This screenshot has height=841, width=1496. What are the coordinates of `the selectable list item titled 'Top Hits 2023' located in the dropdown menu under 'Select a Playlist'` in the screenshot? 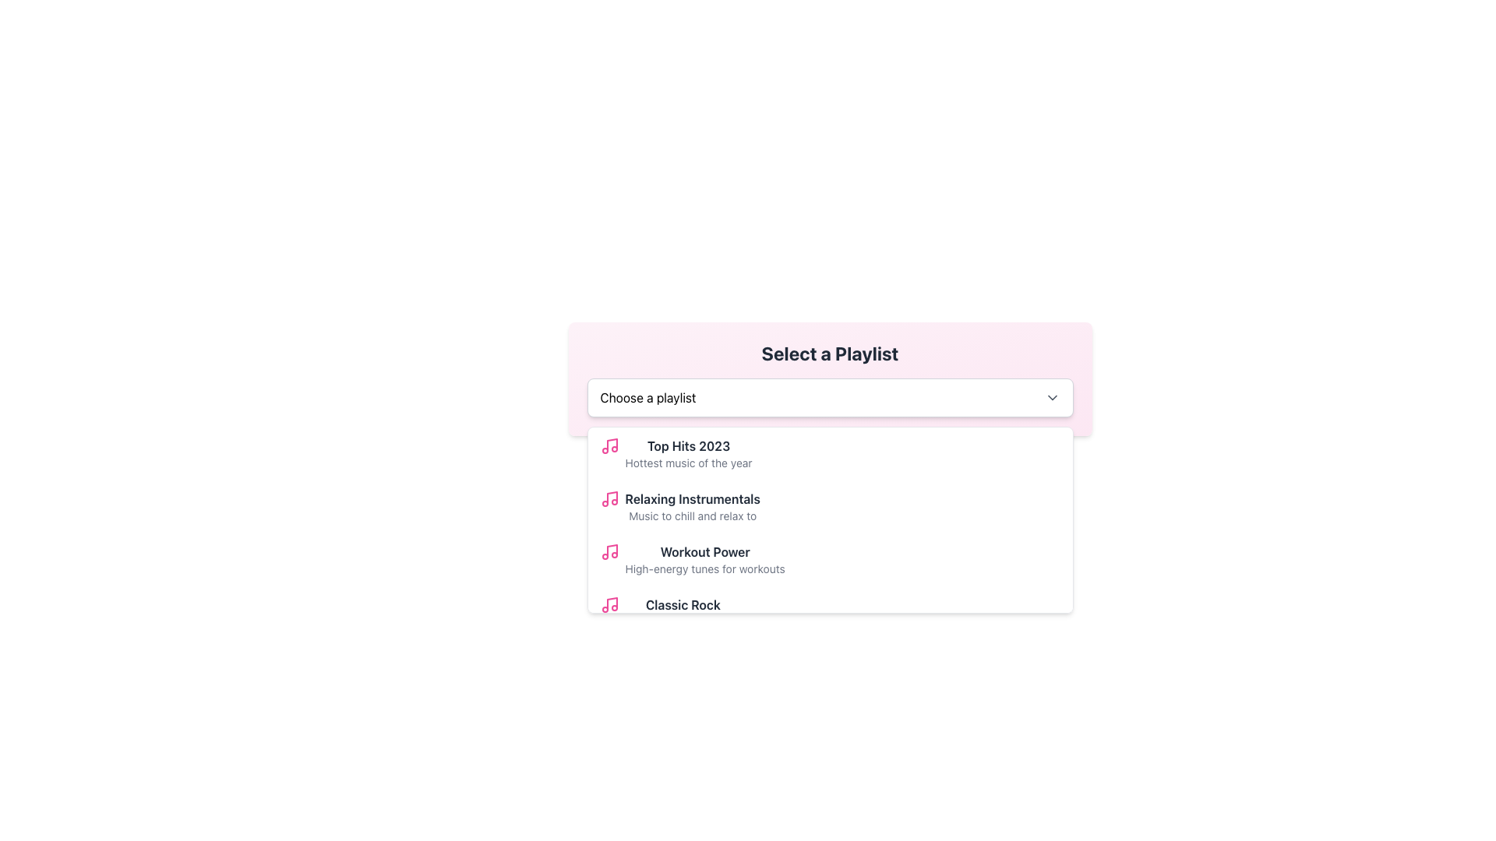 It's located at (687, 453).